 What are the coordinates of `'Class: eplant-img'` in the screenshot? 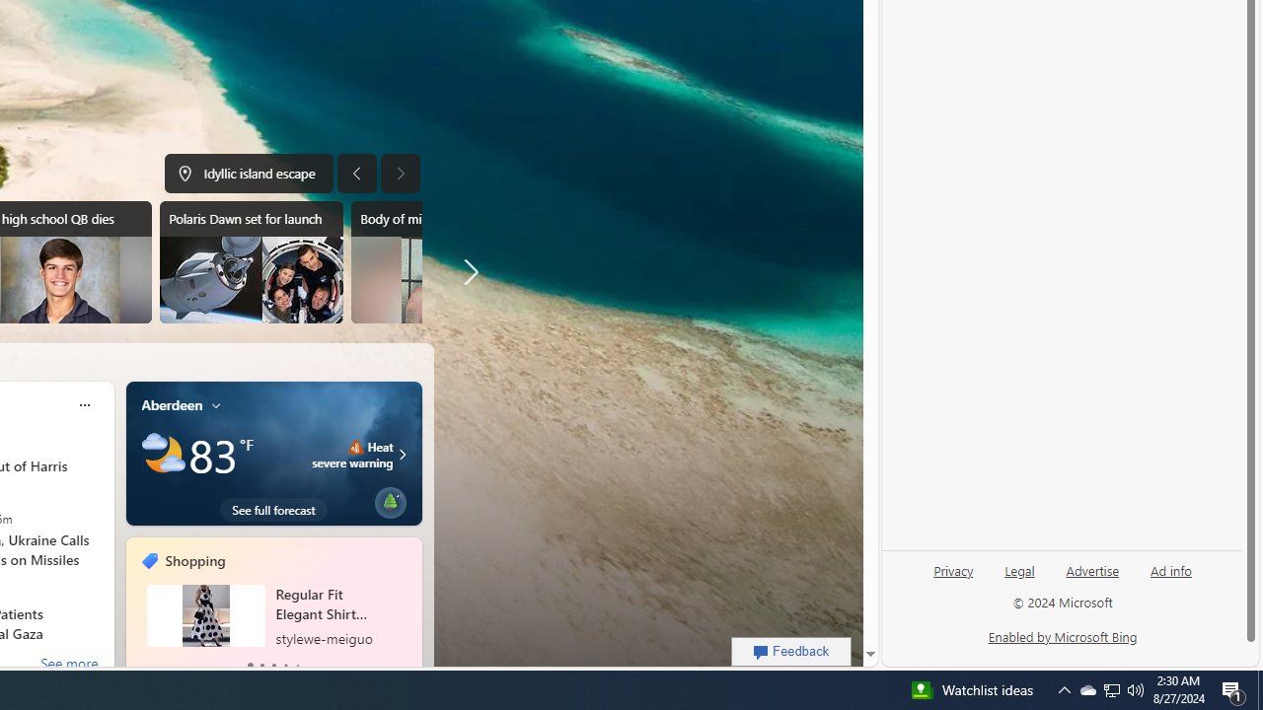 It's located at (390, 498).